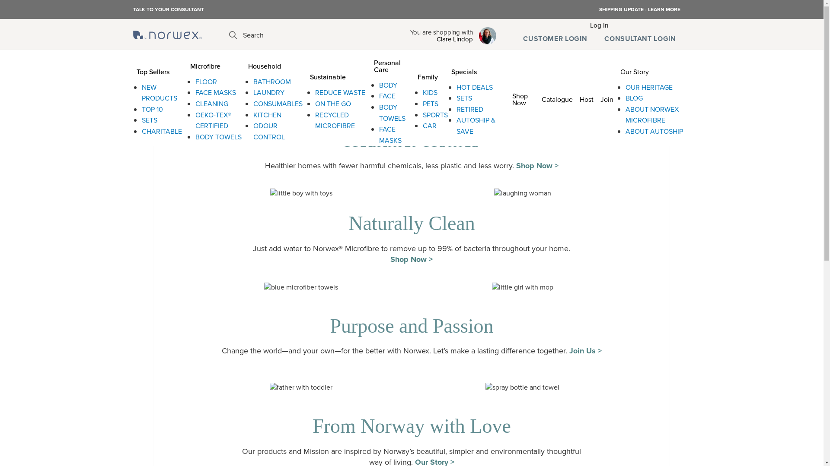 The image size is (830, 466). I want to click on 'RETIRED', so click(469, 109).